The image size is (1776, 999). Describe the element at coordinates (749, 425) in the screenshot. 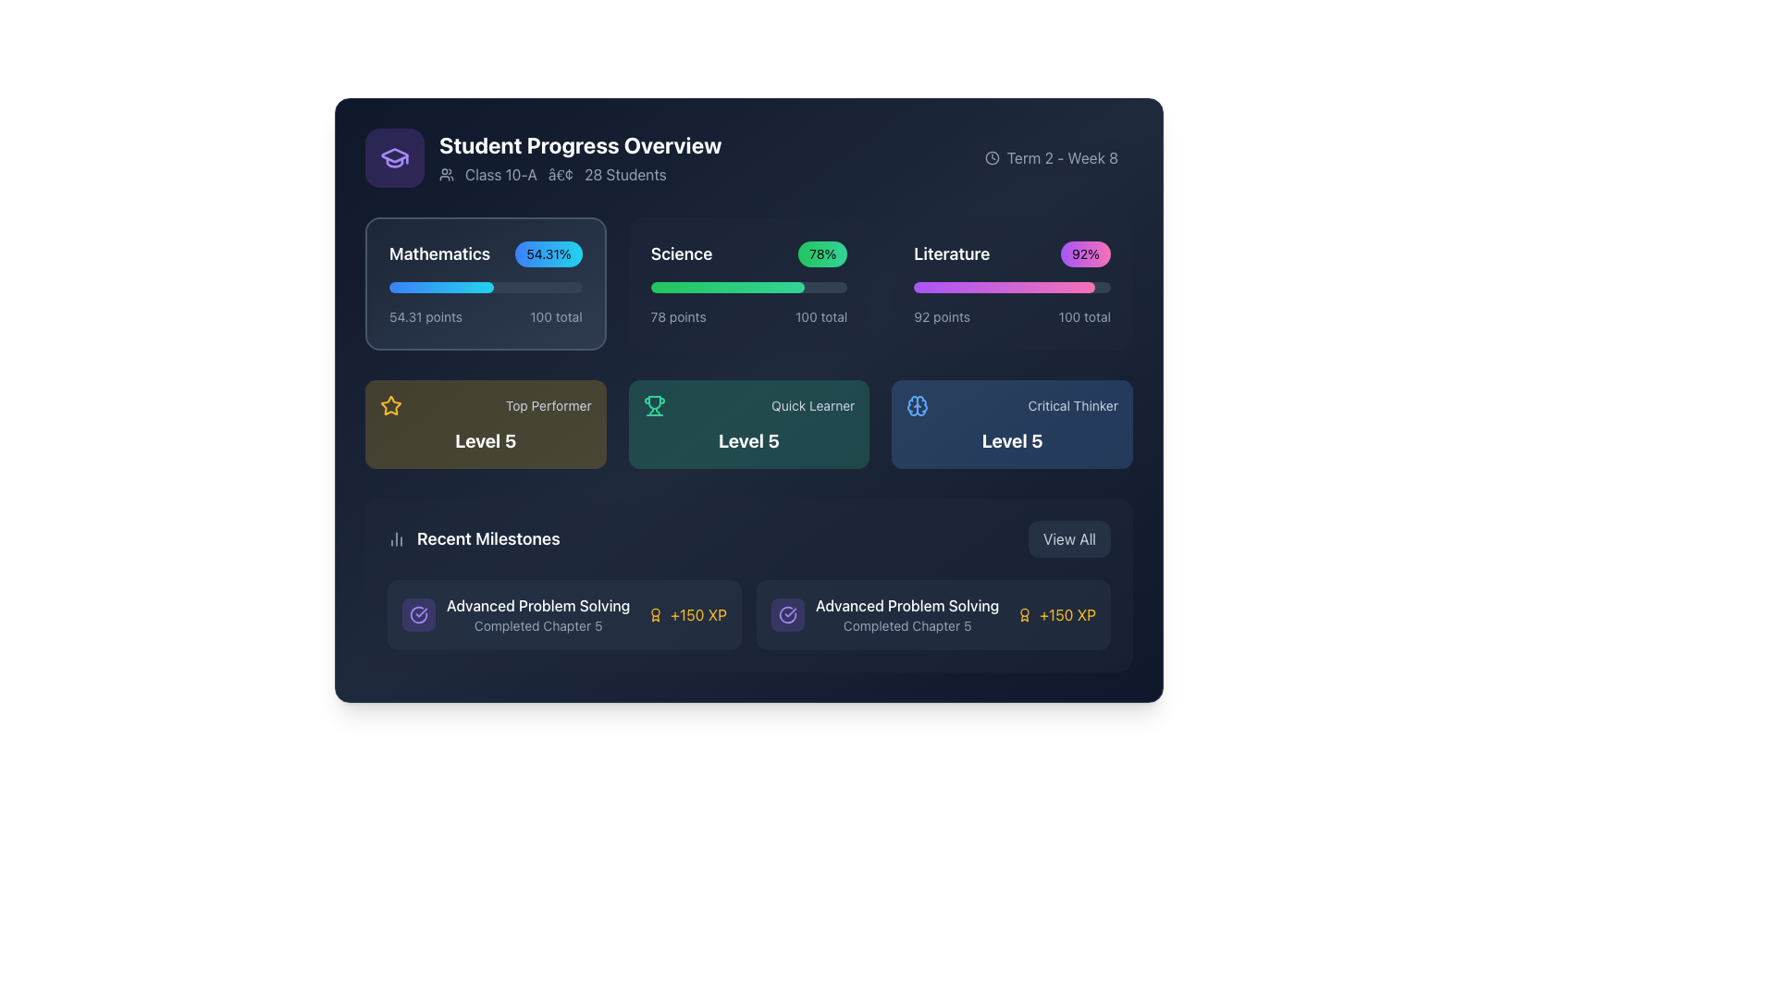

I see `the 'Quick Learner' achievement card, which is the second card in a grid layout, located between 'Top Performer' and 'Critical Thinker'` at that location.